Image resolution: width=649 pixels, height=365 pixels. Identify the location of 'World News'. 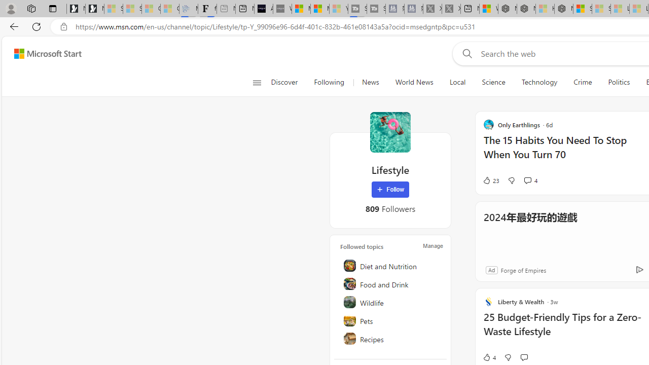
(414, 82).